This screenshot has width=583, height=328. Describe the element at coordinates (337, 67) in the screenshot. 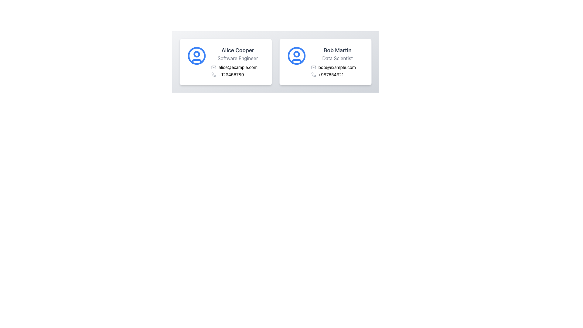

I see `the email hyperlink located in Bob Martin's profile, positioned below their name and title, next to the envelope icon` at that location.